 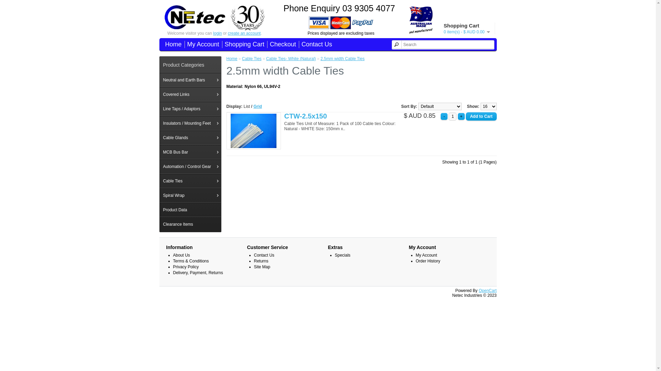 What do you see at coordinates (244, 33) in the screenshot?
I see `'create an account'` at bounding box center [244, 33].